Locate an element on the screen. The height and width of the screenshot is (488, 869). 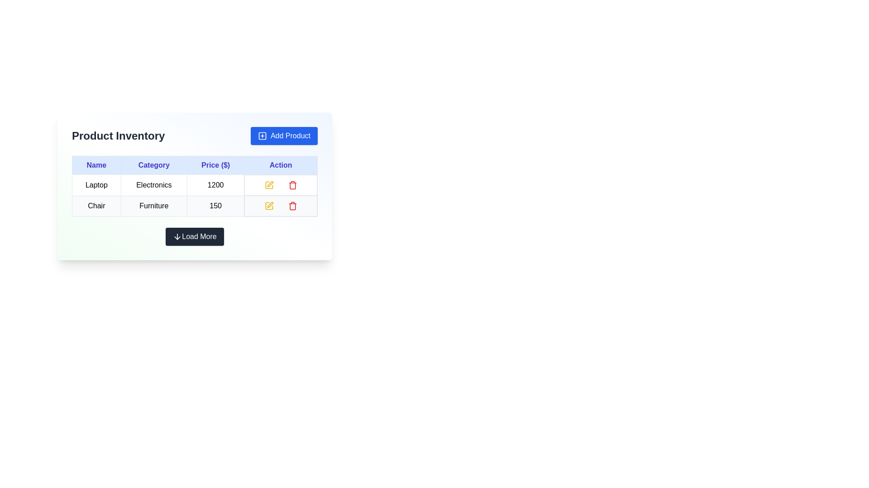
the rectangular text field displaying the word 'Chair' located in the first cell of the second row in the 'Name' column of the 'Product Inventory' table is located at coordinates (96, 206).